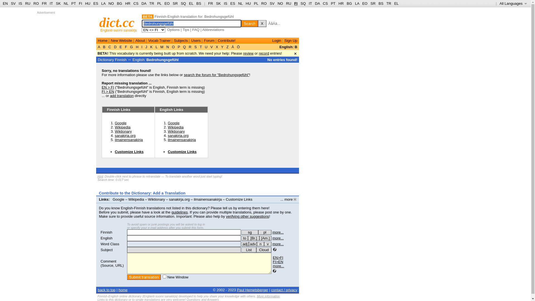 This screenshot has height=301, width=535. Describe the element at coordinates (179, 199) in the screenshot. I see `'sanakirja.org'` at that location.